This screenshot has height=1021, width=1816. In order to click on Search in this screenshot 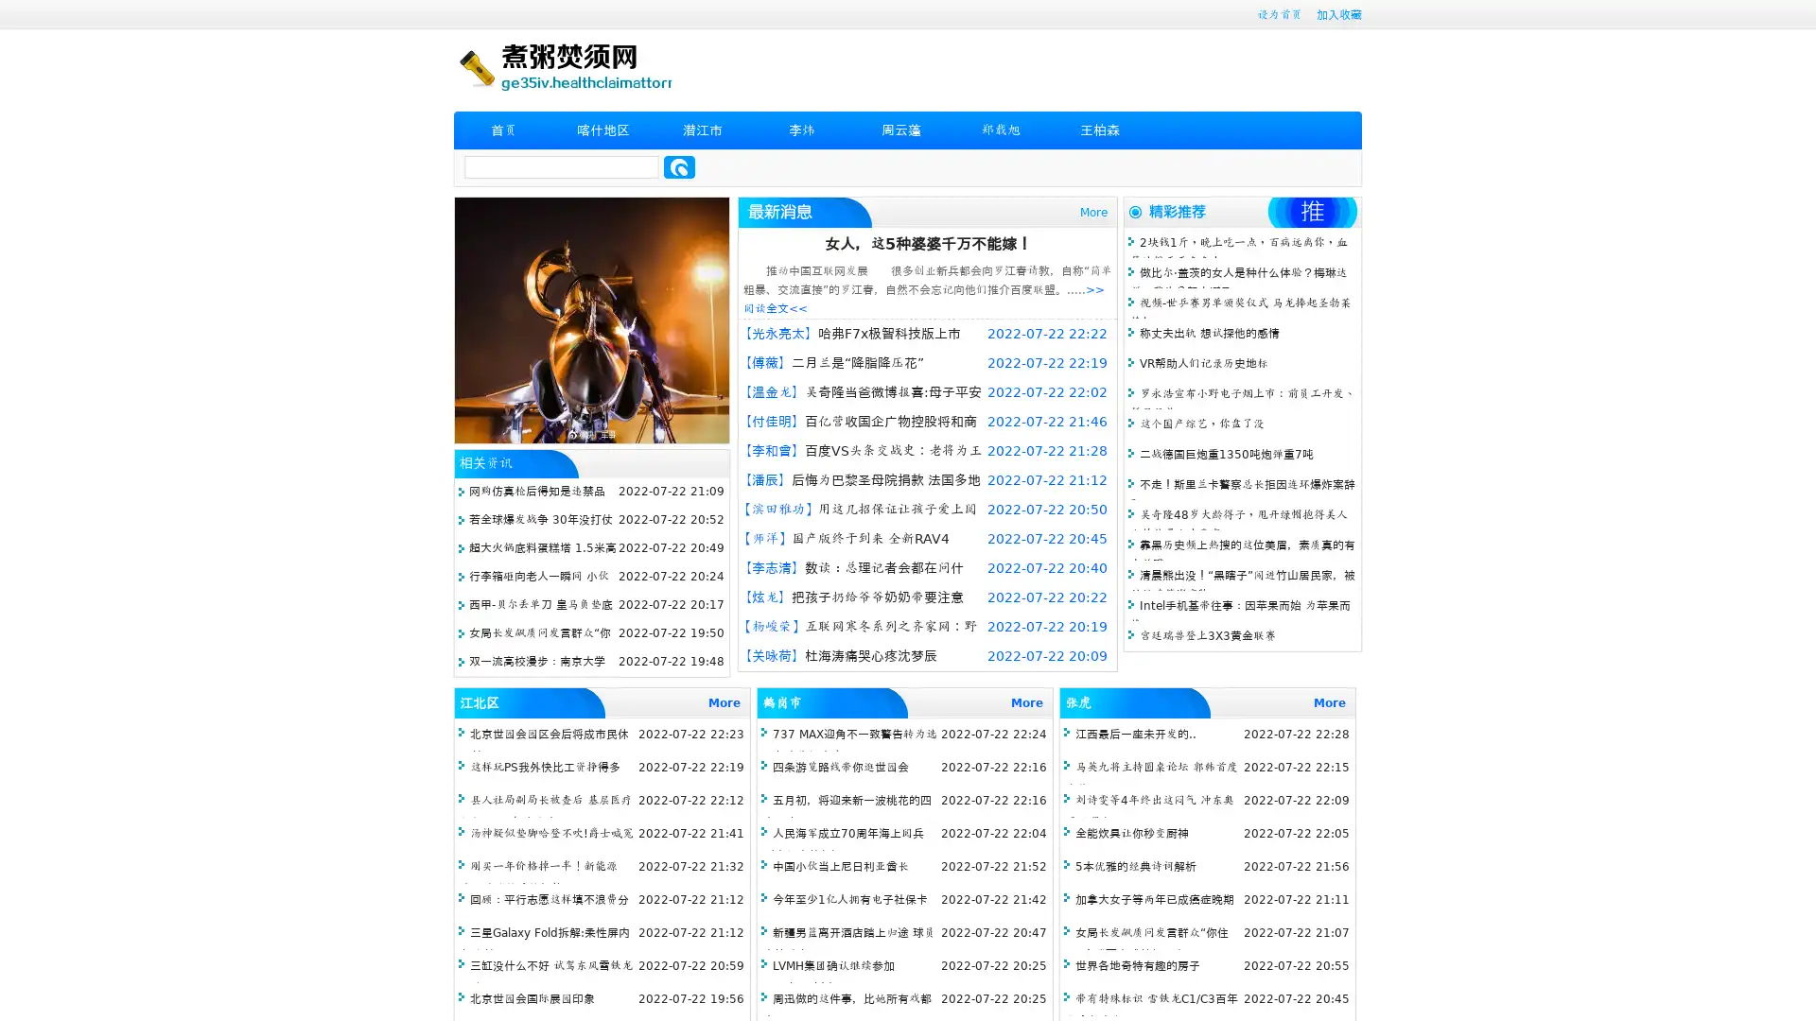, I will do `click(679, 166)`.